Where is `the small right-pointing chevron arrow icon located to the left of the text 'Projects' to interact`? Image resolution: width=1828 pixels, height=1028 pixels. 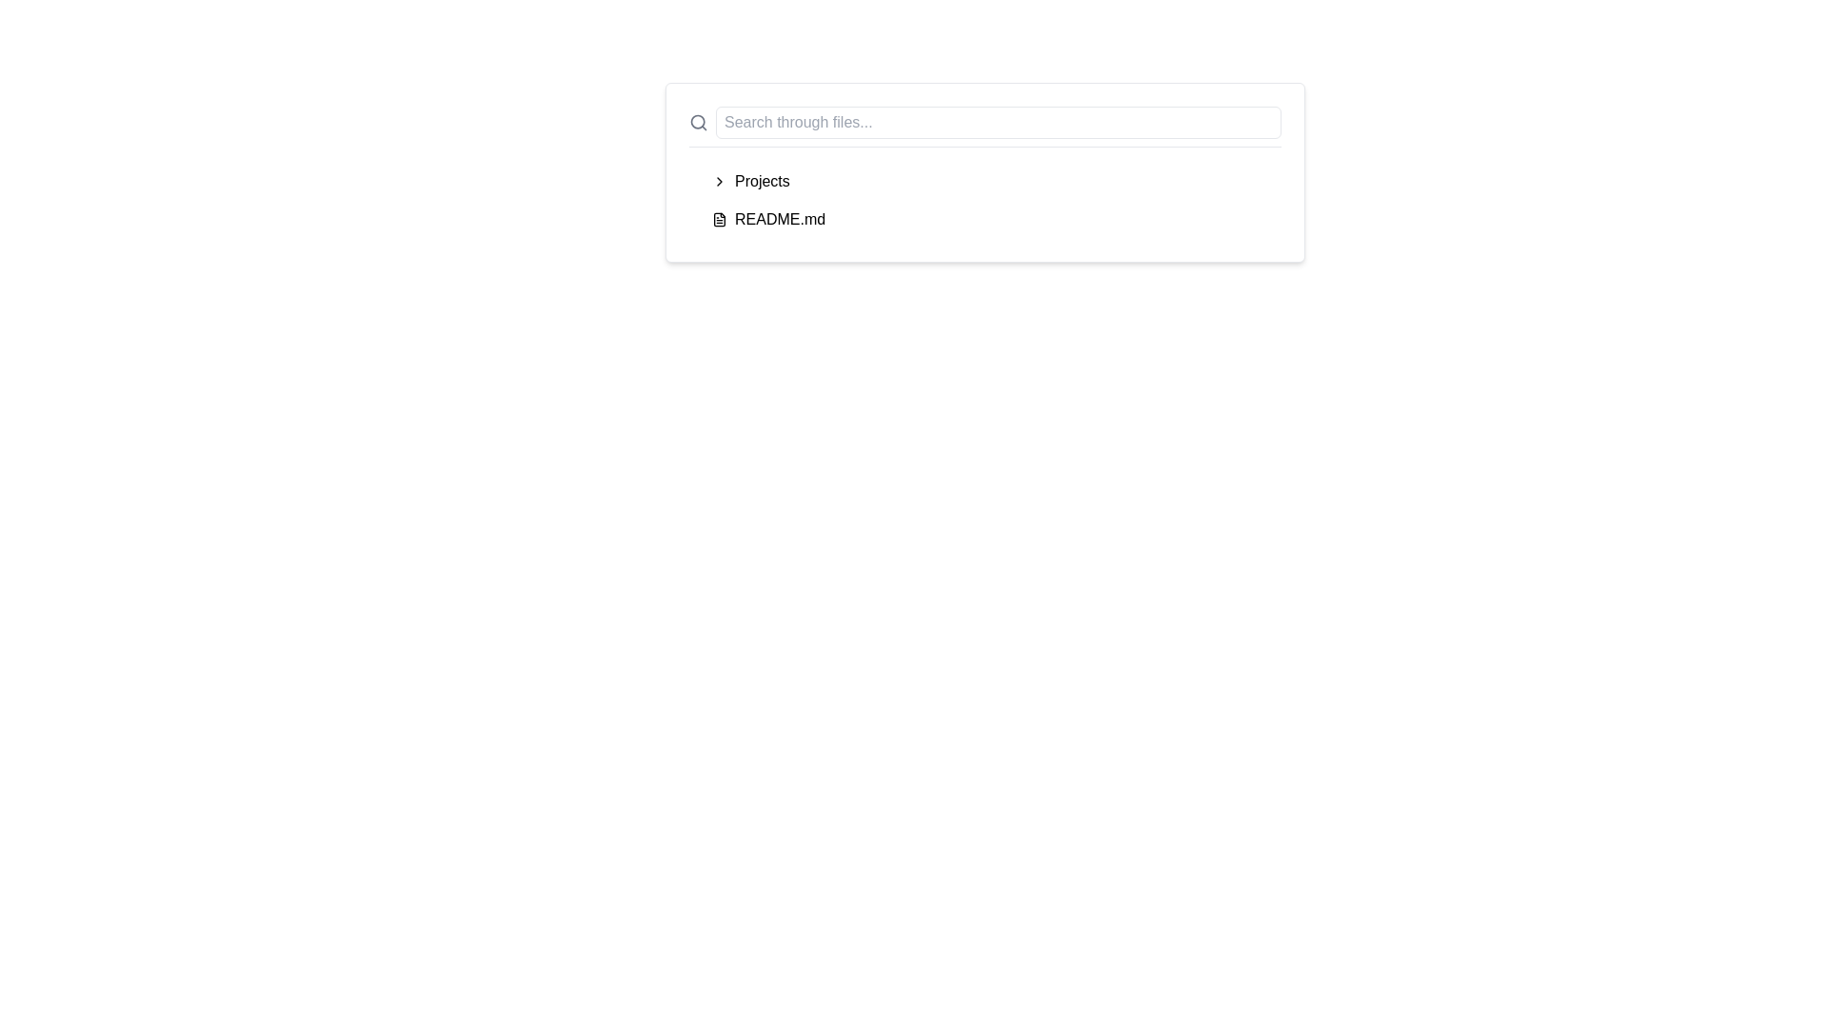 the small right-pointing chevron arrow icon located to the left of the text 'Projects' to interact is located at coordinates (718, 182).